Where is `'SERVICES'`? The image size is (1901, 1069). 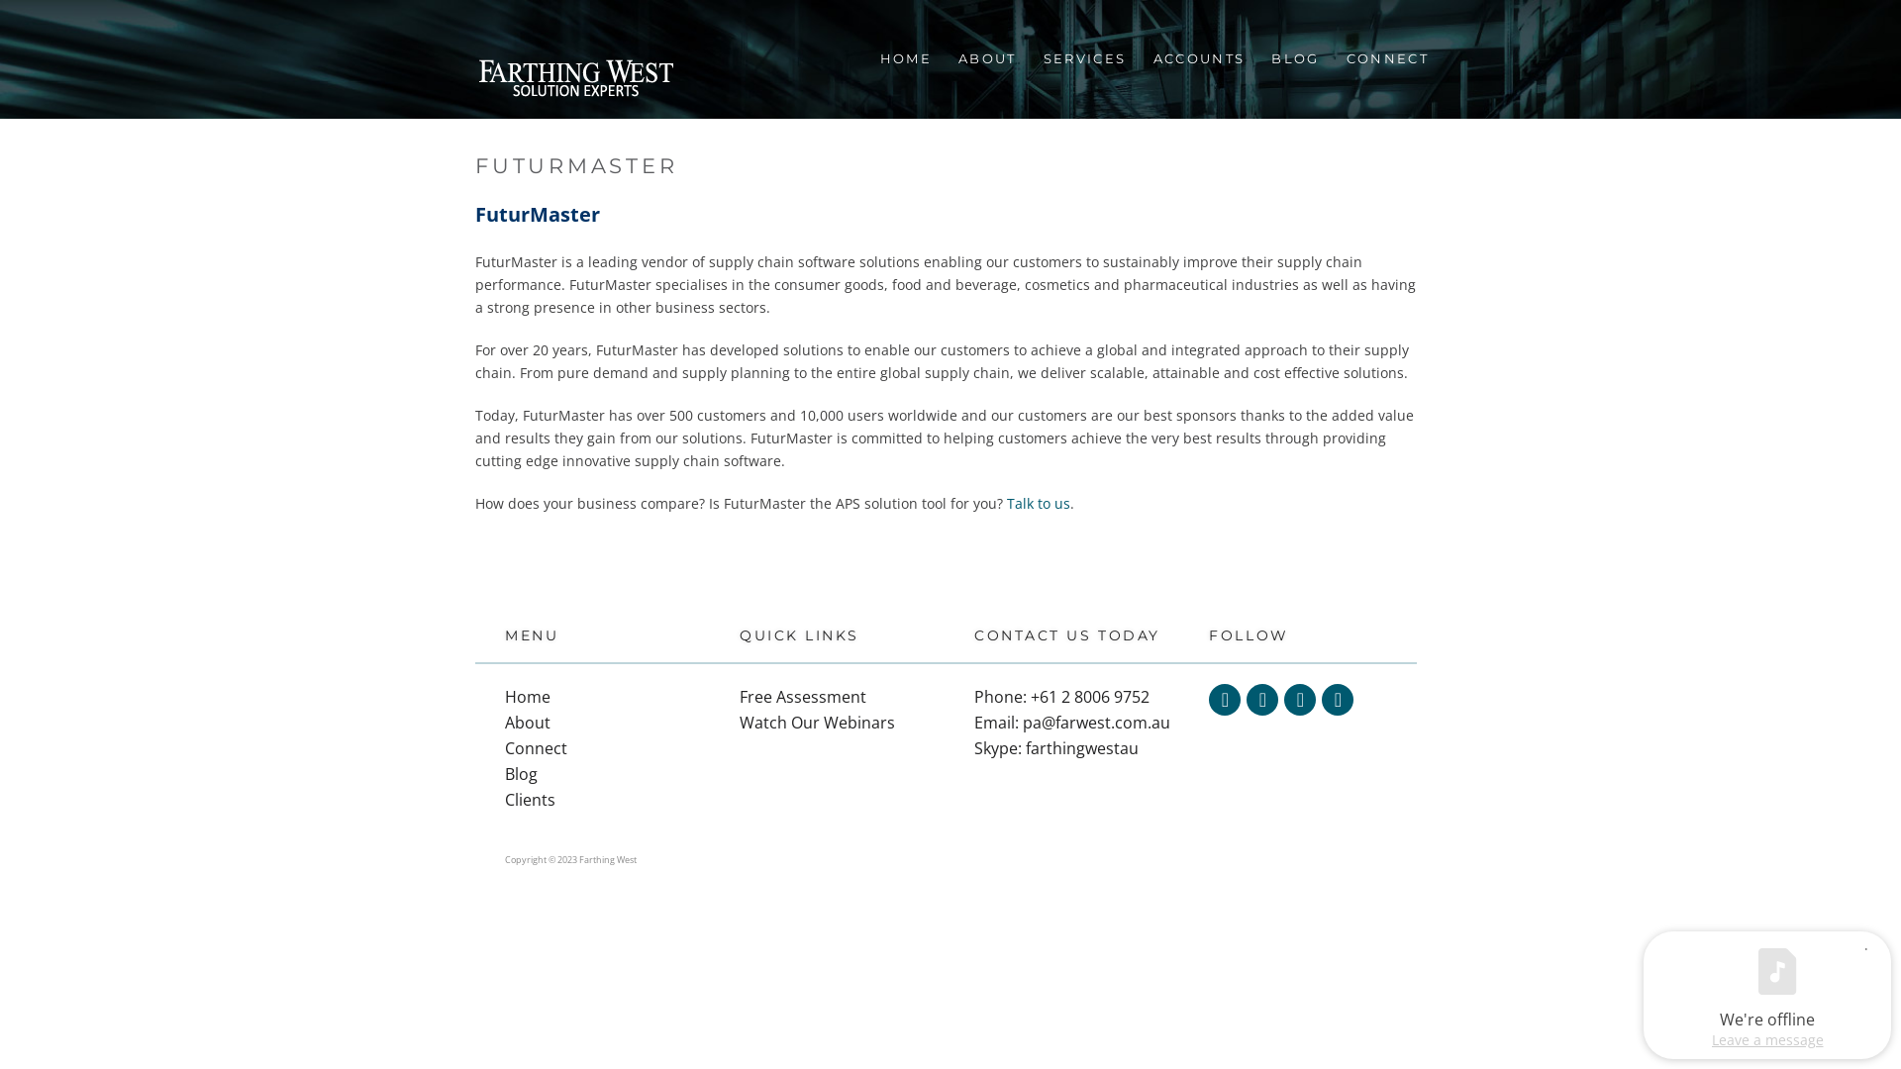
'SERVICES' is located at coordinates (1082, 57).